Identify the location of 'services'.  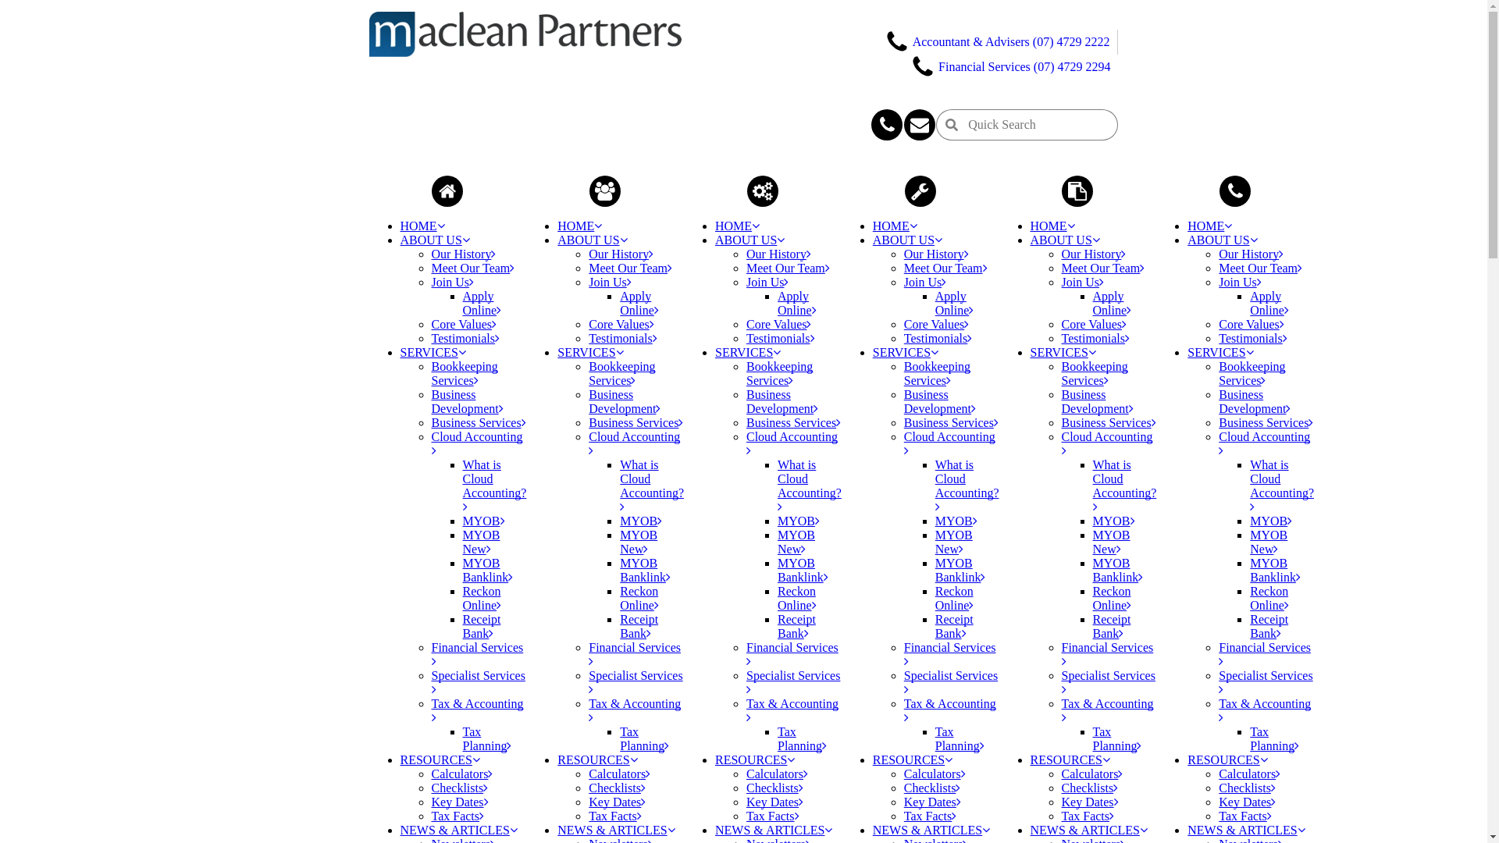
(763, 190).